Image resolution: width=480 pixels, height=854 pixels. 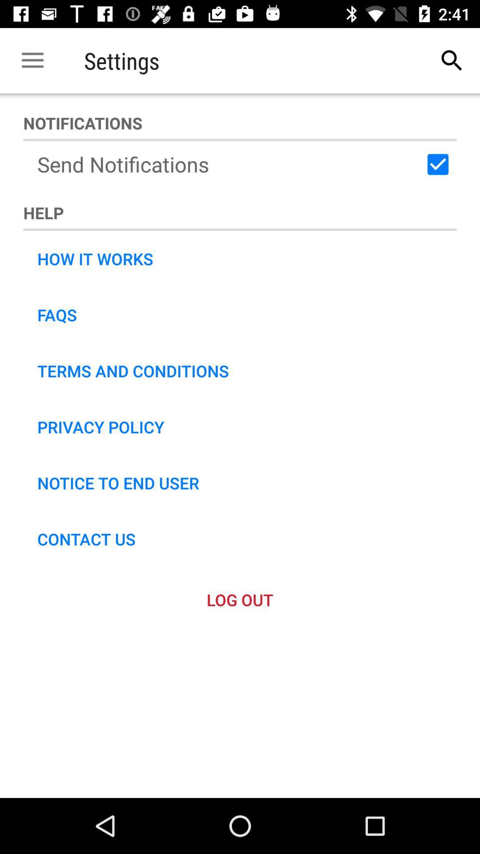 I want to click on the icon next to the settings item, so click(x=32, y=60).